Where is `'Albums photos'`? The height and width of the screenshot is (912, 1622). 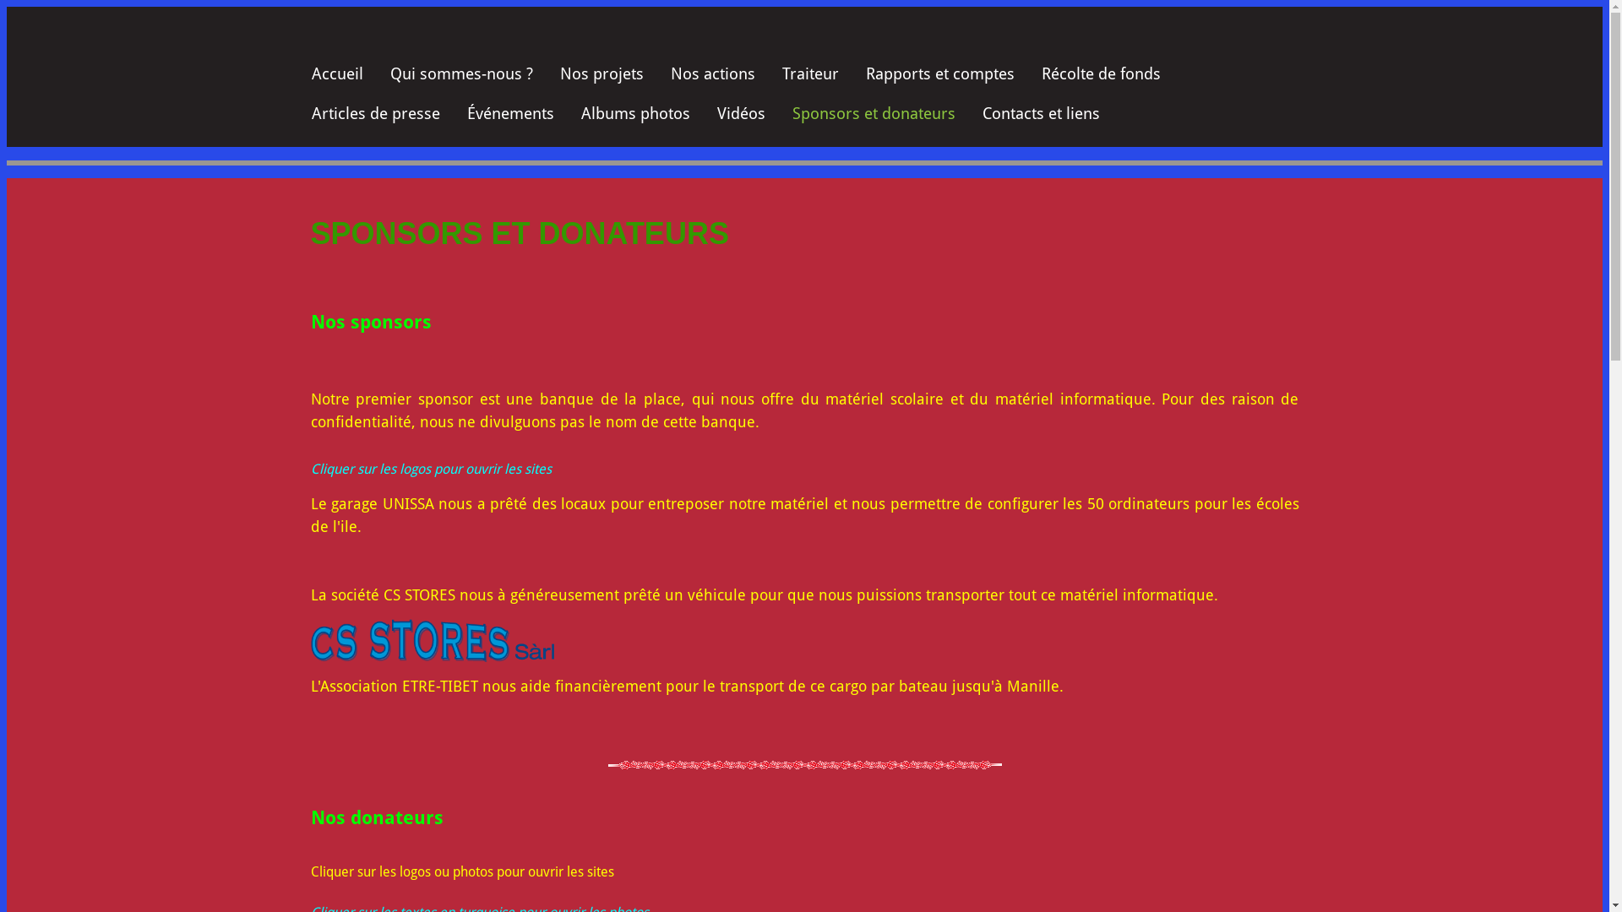
'Albums photos' is located at coordinates (634, 114).